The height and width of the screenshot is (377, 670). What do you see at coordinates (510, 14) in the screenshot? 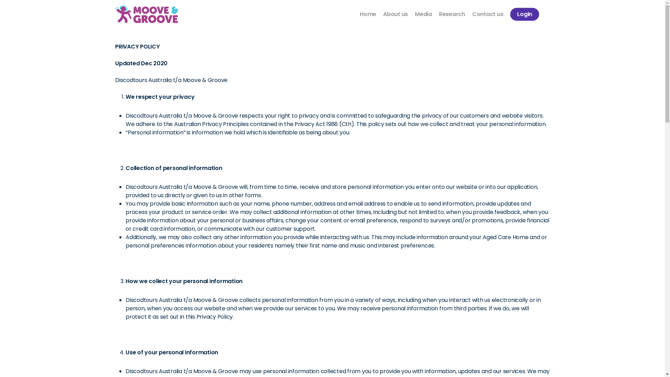
I see `'Login'` at bounding box center [510, 14].